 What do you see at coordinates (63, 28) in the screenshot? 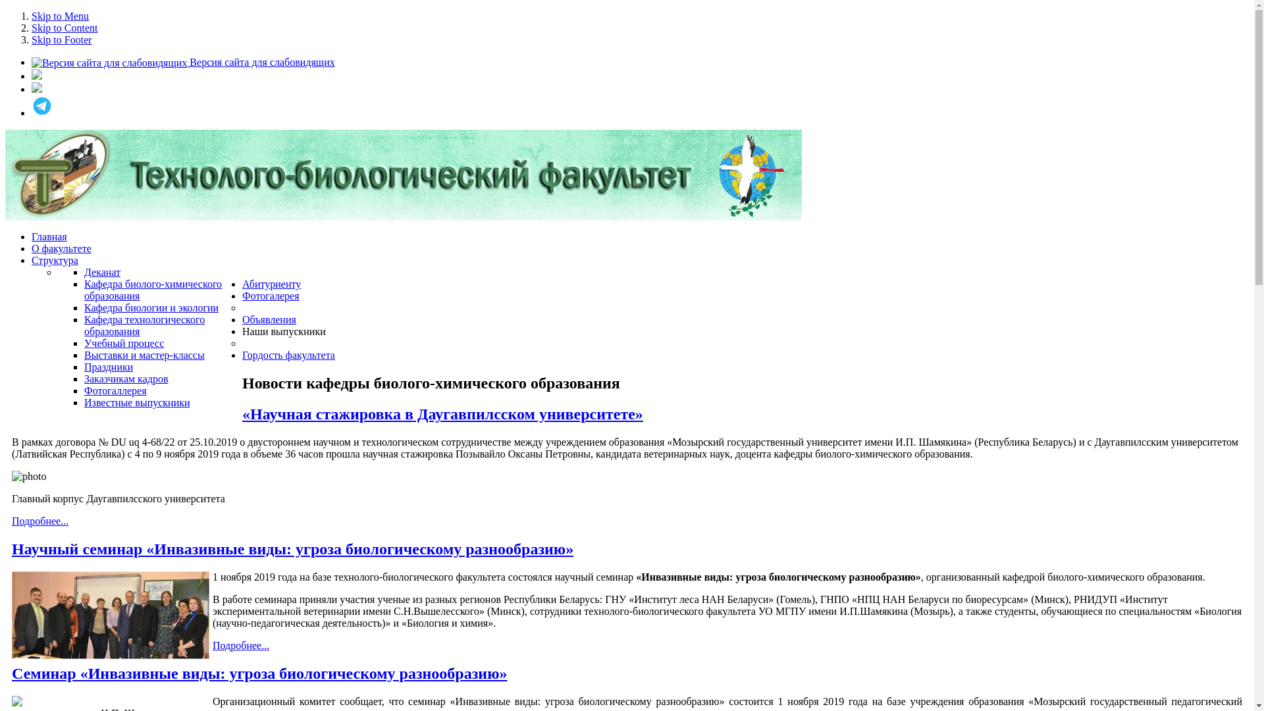
I see `'Skip to Content'` at bounding box center [63, 28].